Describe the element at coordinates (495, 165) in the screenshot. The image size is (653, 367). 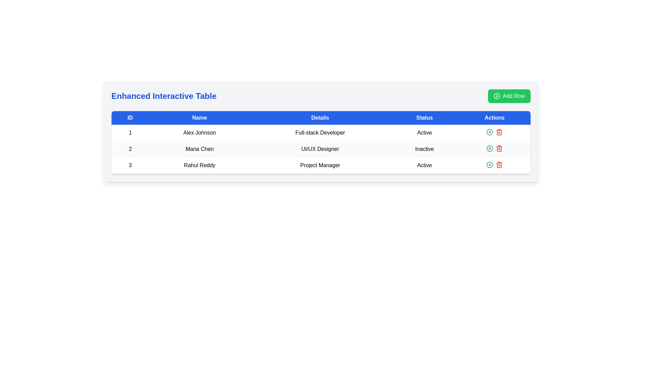
I see `the green circular icon with an 'X' symbol for approval, located at the far right of the third row in the 'Actions' column, aligned with the text 'Active'` at that location.